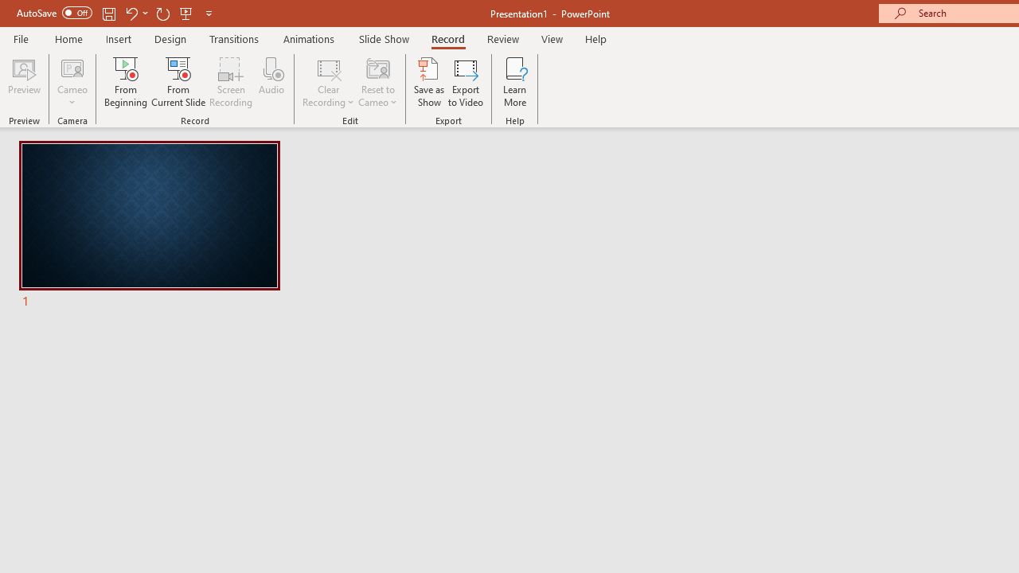 The height and width of the screenshot is (573, 1019). What do you see at coordinates (178, 82) in the screenshot?
I see `'From Current Slide...'` at bounding box center [178, 82].